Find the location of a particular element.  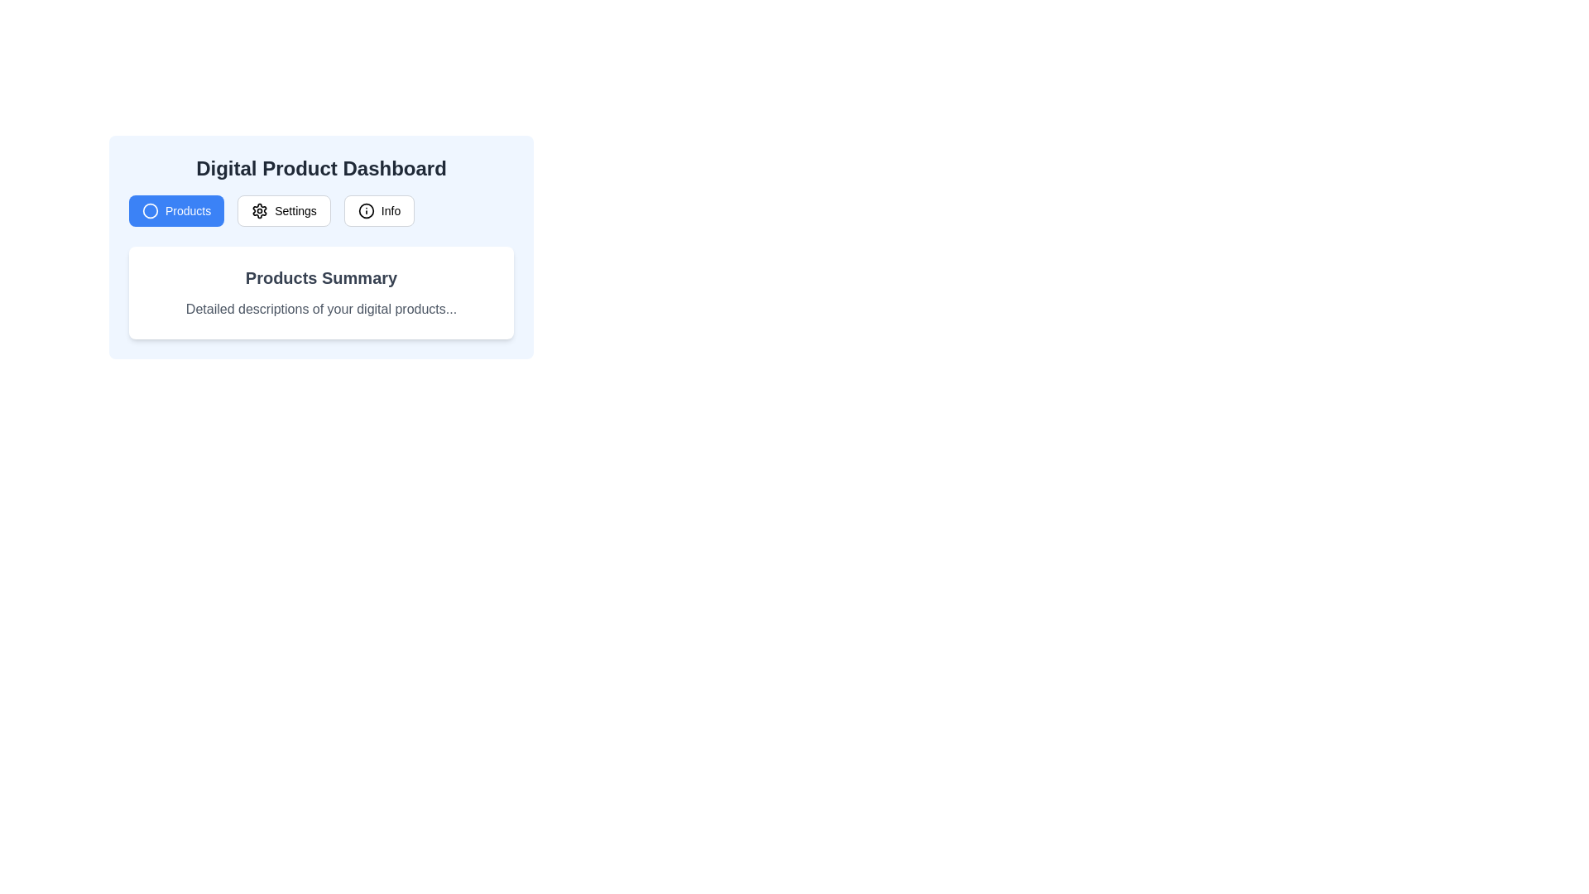

the 'Settings' button, which is a rectangular button with rounded corners, white background, grey border, and a gear icon on the left is located at coordinates (284, 209).